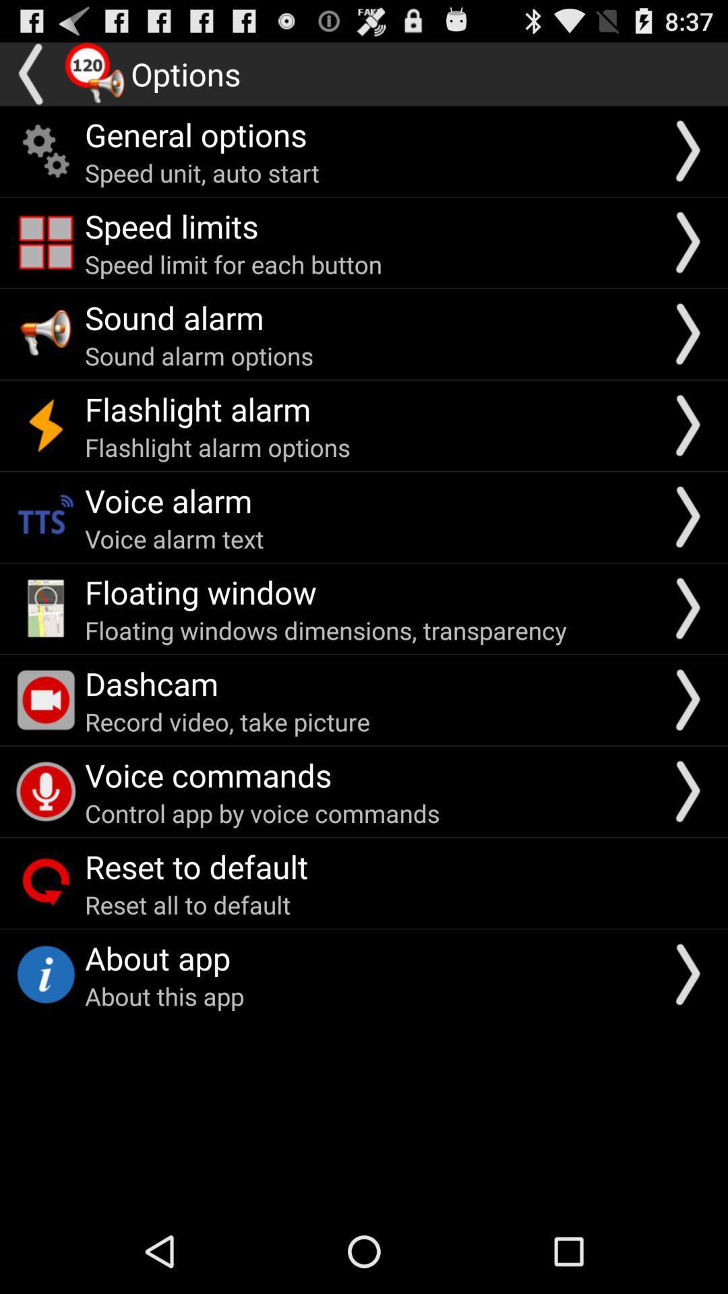 This screenshot has width=728, height=1294. What do you see at coordinates (31, 73) in the screenshot?
I see `this button is to return to the previous page` at bounding box center [31, 73].